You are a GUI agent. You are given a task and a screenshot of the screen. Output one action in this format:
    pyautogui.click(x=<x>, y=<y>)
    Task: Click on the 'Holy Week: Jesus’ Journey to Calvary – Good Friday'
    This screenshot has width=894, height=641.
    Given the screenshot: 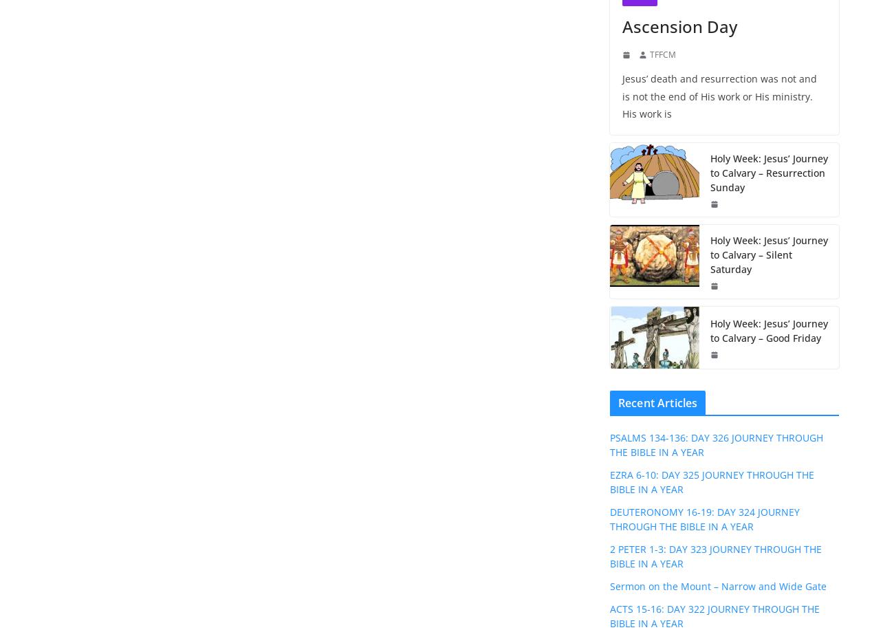 What is the action you would take?
    pyautogui.click(x=768, y=330)
    